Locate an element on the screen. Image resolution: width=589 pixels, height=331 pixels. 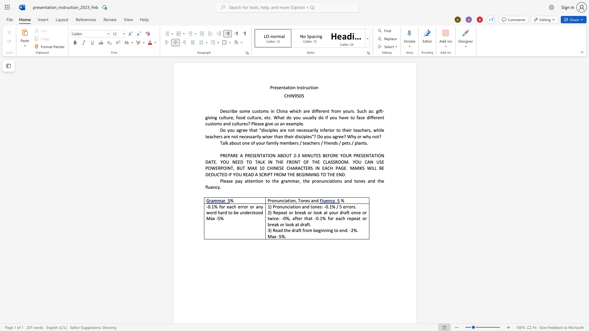
the space between the continuous character "a" and "l" in the text is located at coordinates (224, 143).